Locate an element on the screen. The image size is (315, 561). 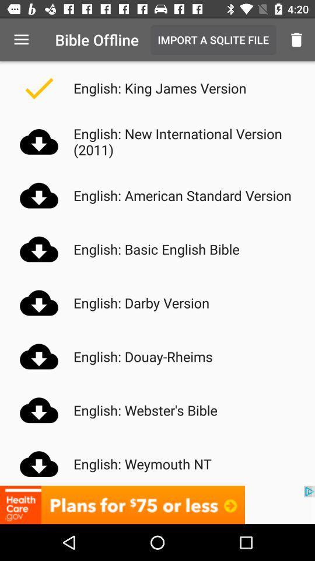
lower advertisement bar is located at coordinates (157, 504).